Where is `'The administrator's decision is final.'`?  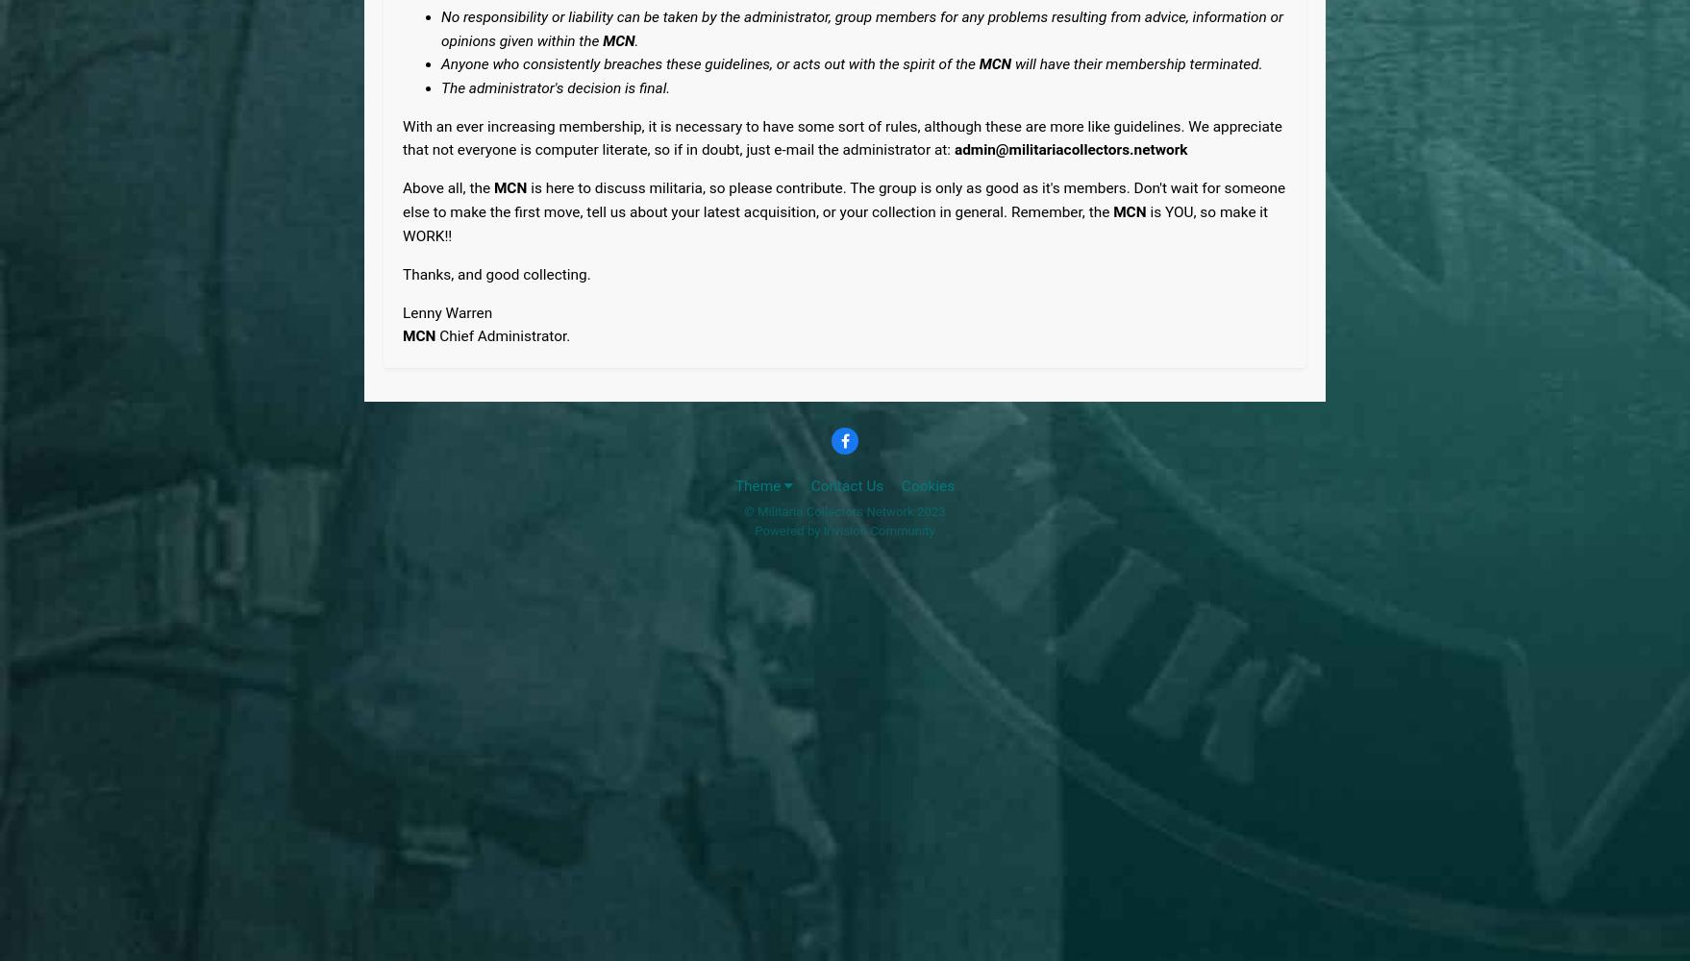 'The administrator's decision is final.' is located at coordinates (555, 86).